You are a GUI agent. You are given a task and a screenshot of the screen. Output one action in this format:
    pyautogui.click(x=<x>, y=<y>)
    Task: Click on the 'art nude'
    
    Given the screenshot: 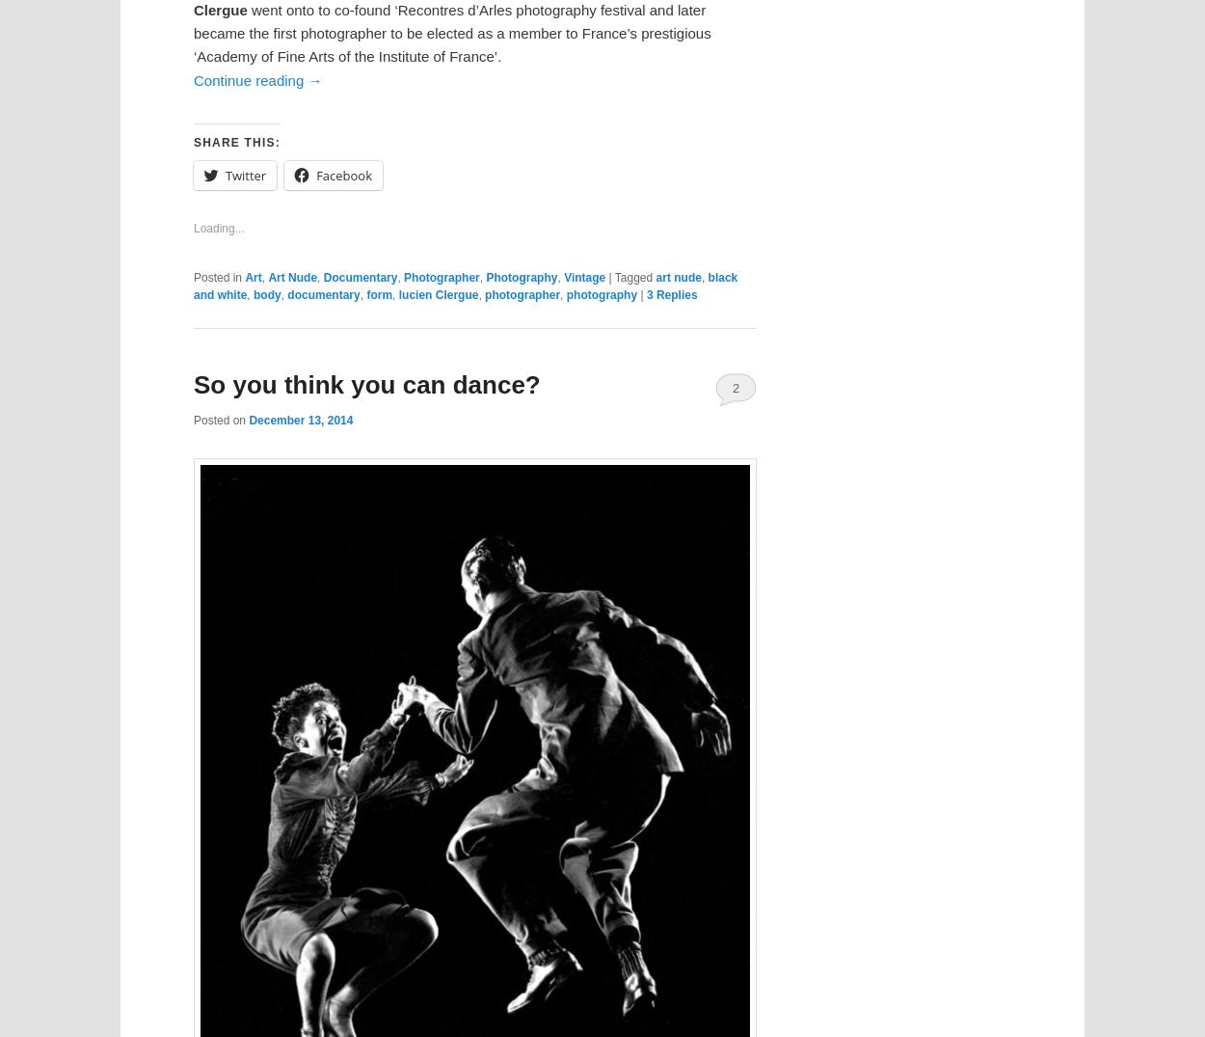 What is the action you would take?
    pyautogui.click(x=677, y=277)
    